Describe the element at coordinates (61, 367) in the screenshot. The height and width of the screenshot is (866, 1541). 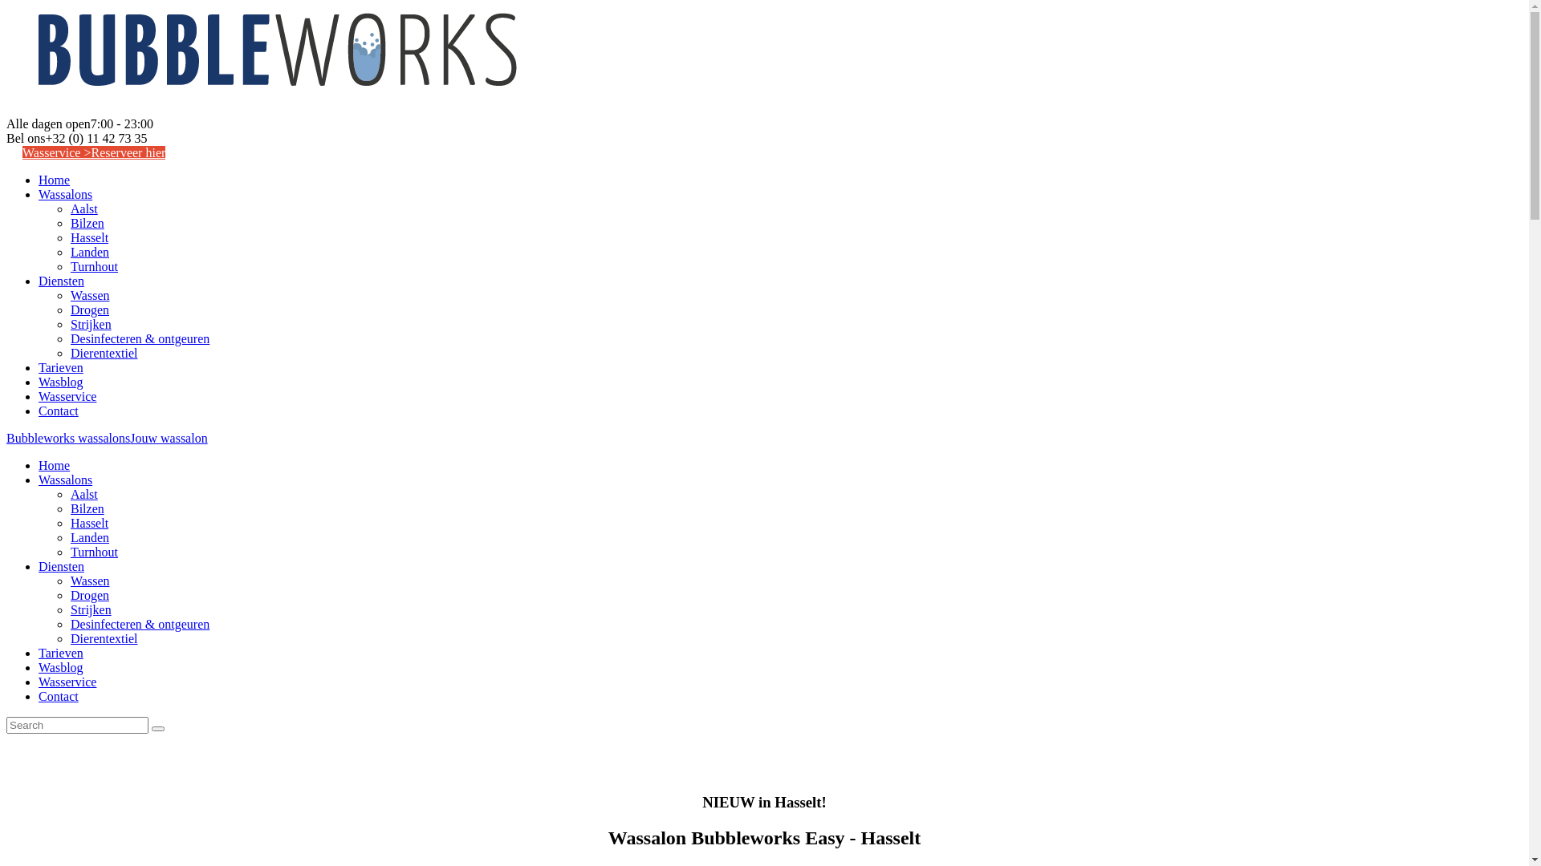
I see `'Tarieven'` at that location.